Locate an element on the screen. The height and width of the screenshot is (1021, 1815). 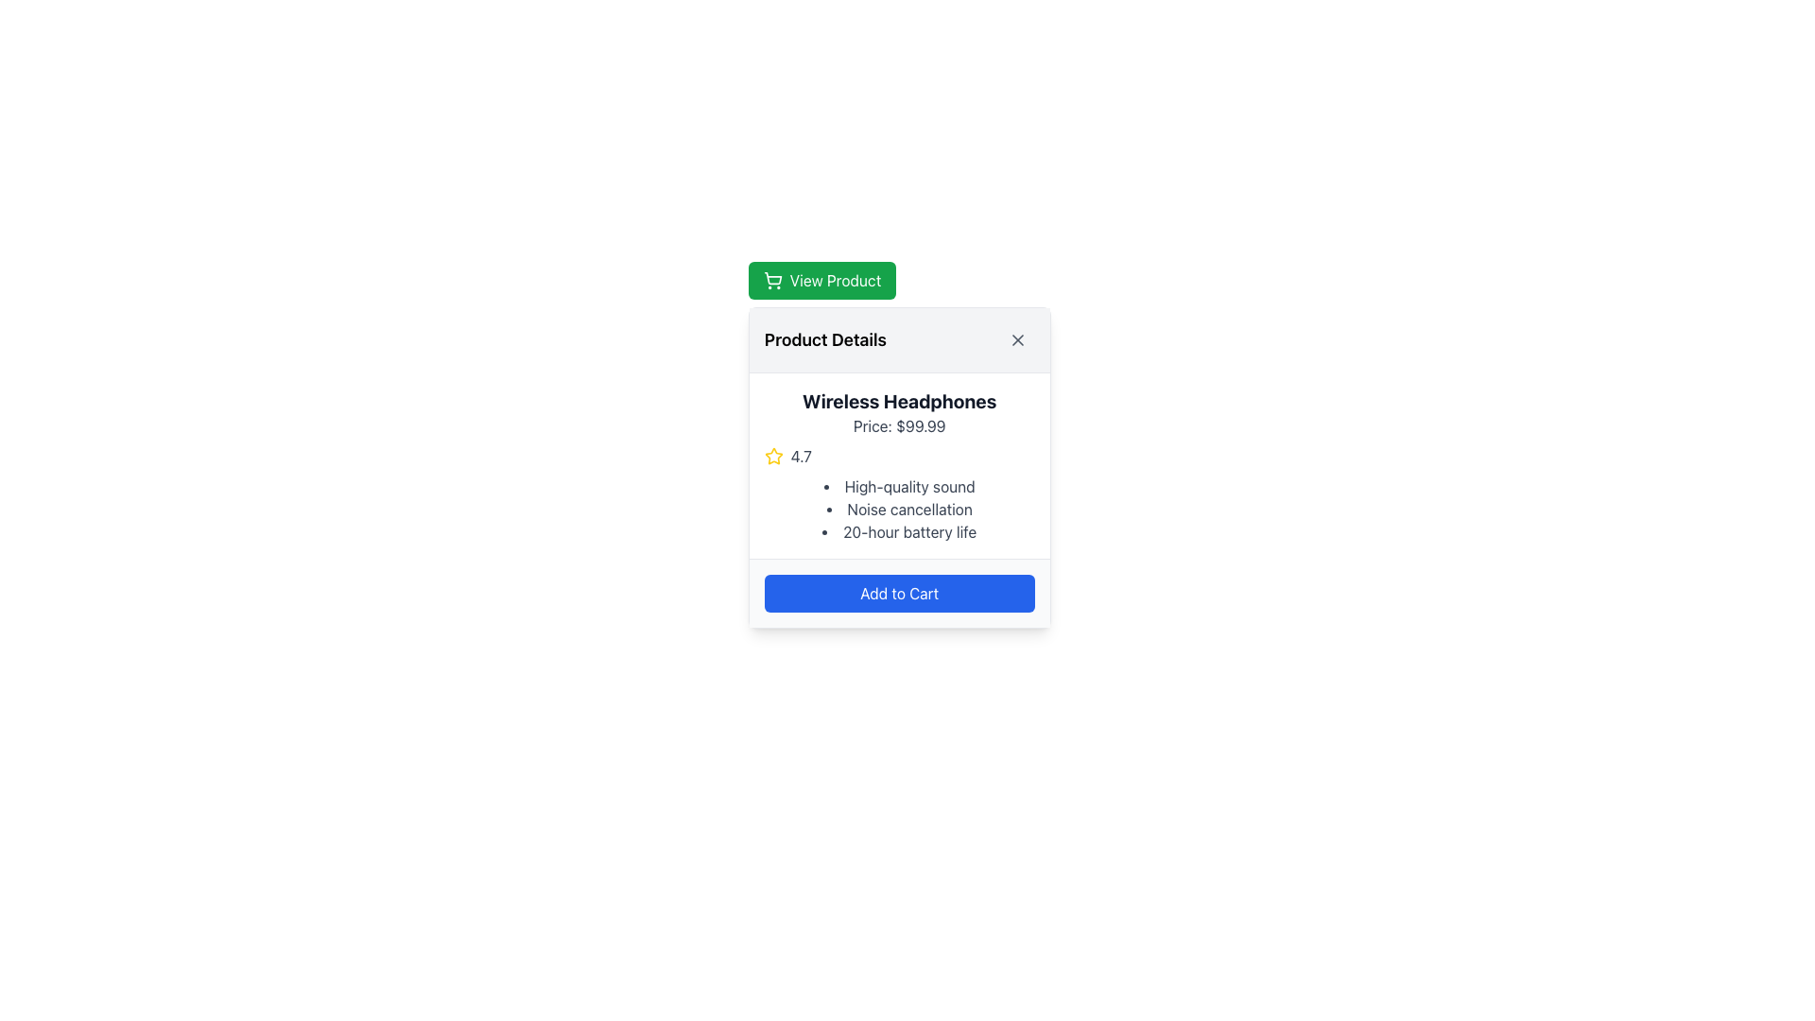
the unordered list containing the bullet points 'High-quality sound', 'Noise cancellation', and '20-hour battery life' located in the product details section is located at coordinates (898, 509).